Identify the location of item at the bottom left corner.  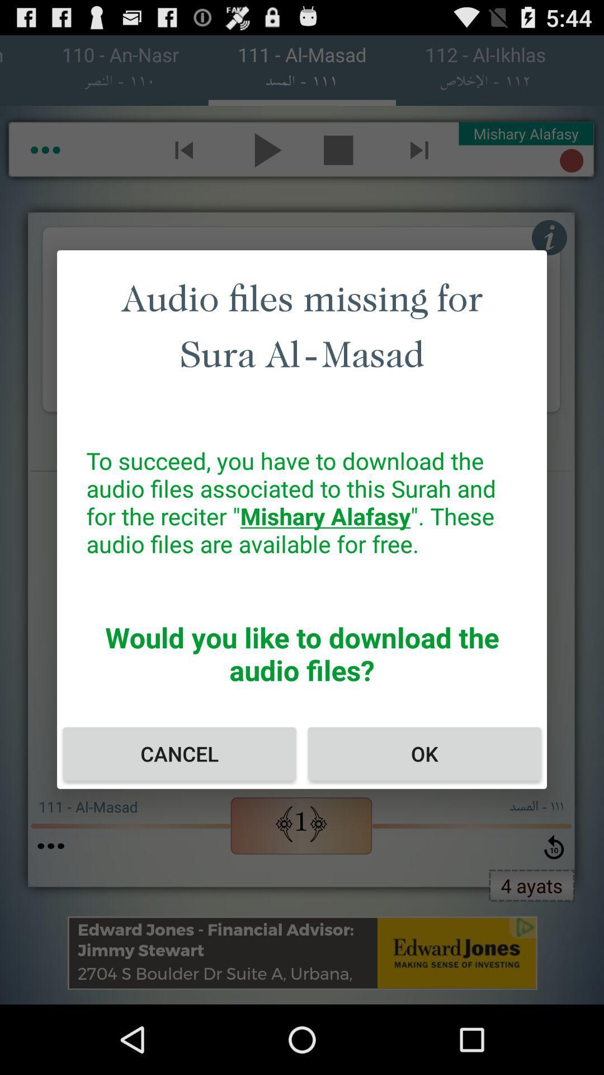
(178, 754).